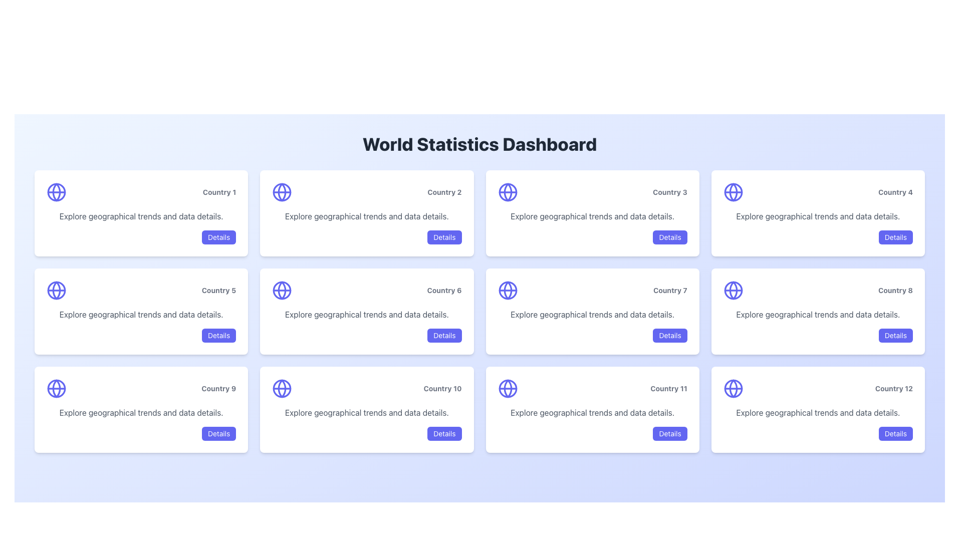 This screenshot has height=541, width=962. What do you see at coordinates (592, 314) in the screenshot?
I see `the text block stating 'Explore geographical trends and data details.' which is located within the 'Country 7' card, positioned below the heading 'Country 7' and above the 'Details' button` at bounding box center [592, 314].